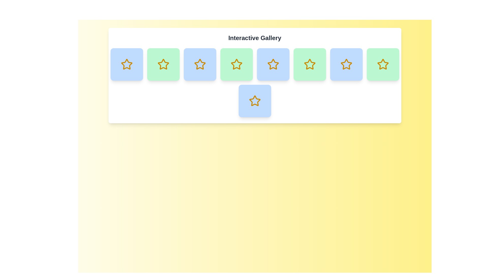  I want to click on the decorative square with a yellow outlined star at the center, which is the third square from the left in the top row of a grid-like layout, so click(200, 64).